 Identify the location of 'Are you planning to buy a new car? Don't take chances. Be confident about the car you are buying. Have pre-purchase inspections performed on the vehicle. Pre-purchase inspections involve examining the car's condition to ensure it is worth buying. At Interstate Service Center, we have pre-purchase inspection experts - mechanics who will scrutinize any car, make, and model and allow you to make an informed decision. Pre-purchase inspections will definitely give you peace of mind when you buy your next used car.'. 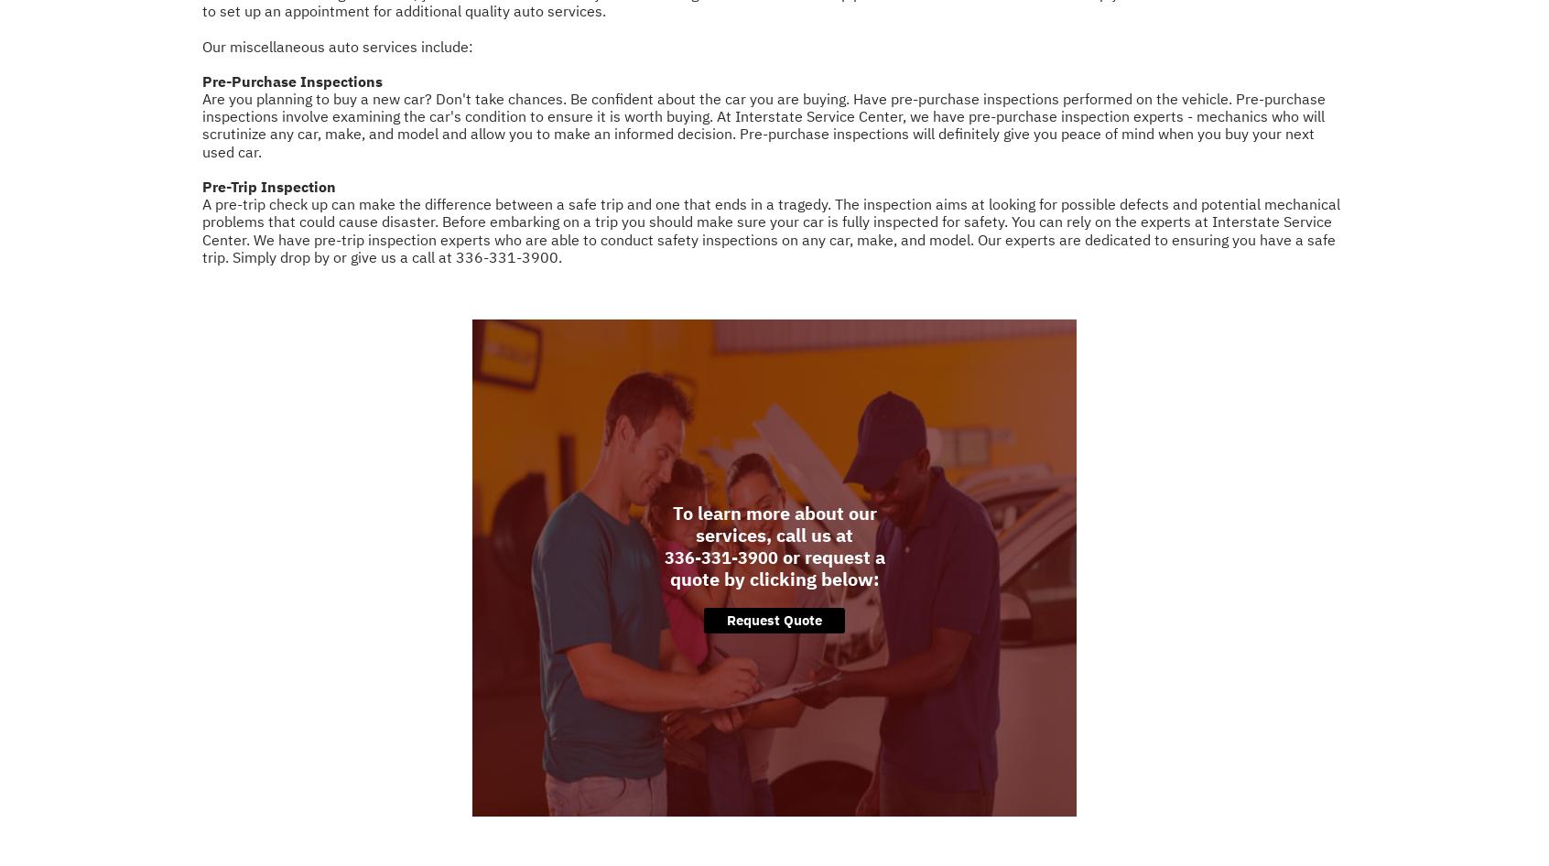
(764, 124).